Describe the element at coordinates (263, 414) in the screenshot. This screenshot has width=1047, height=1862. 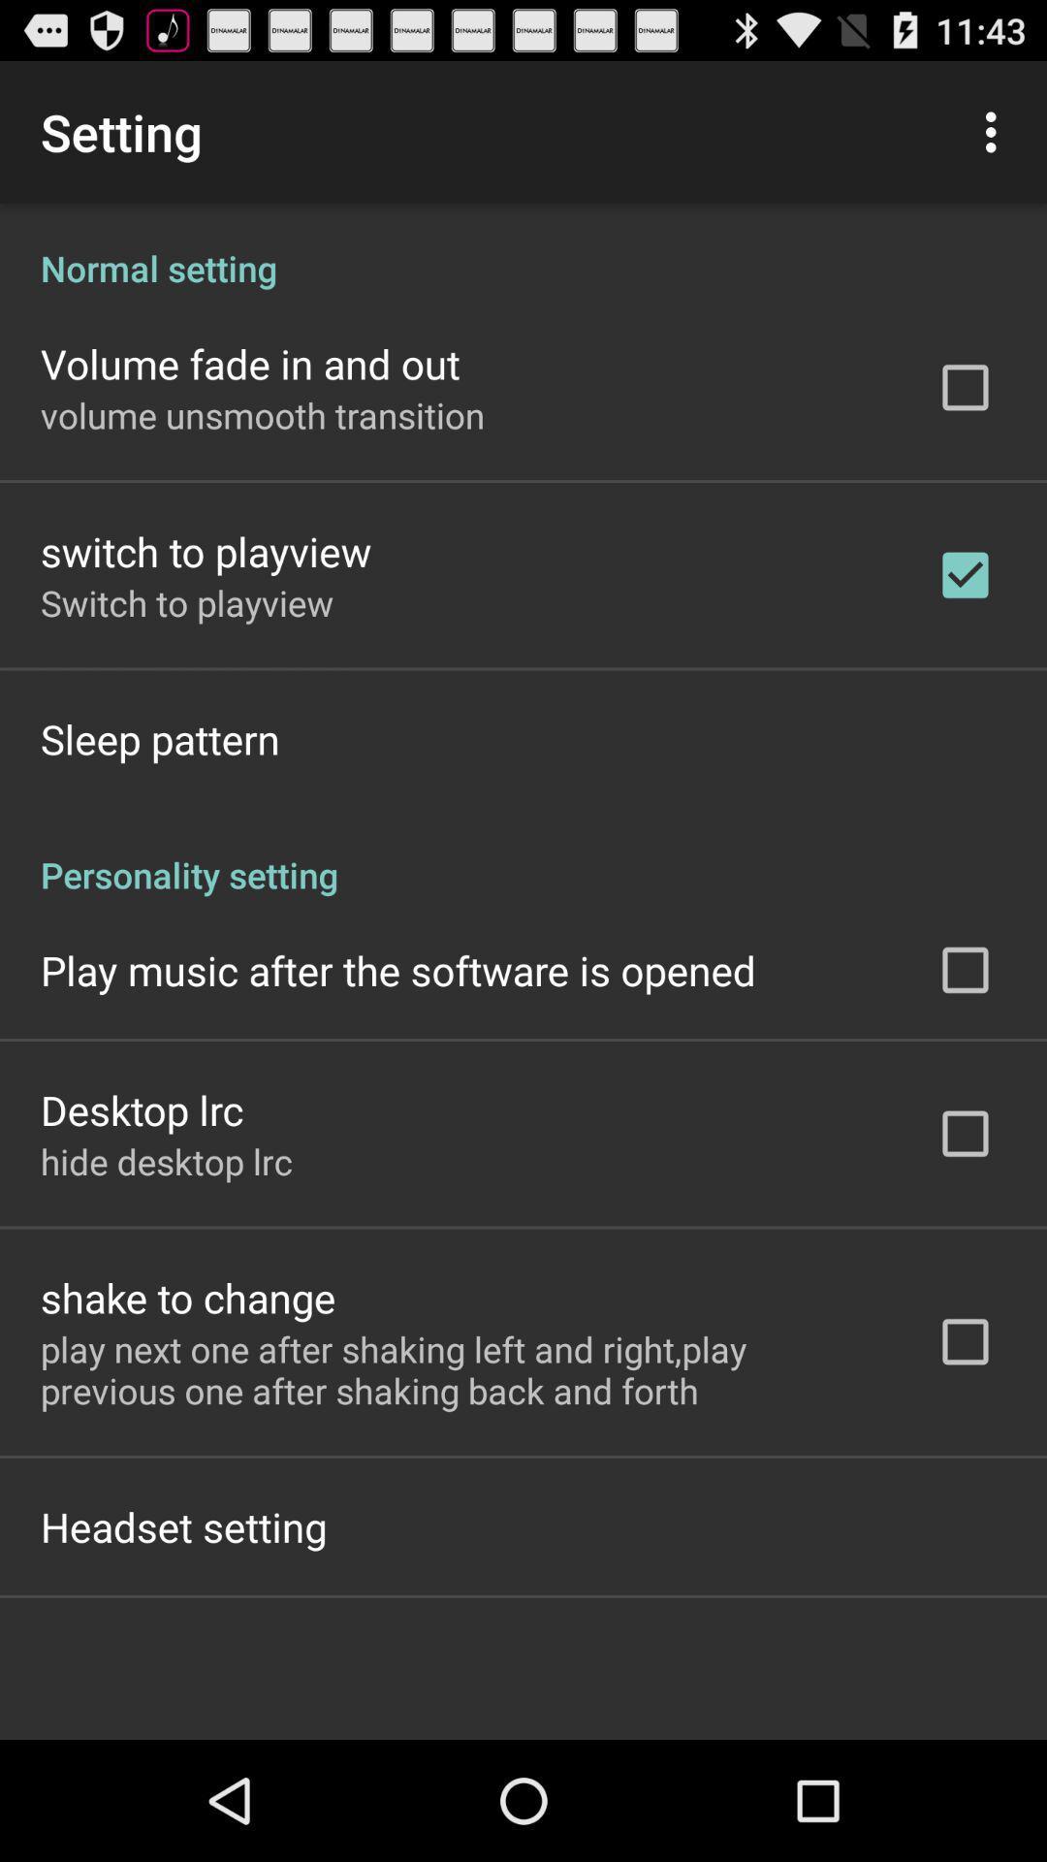
I see `the icon above the switch to playview item` at that location.